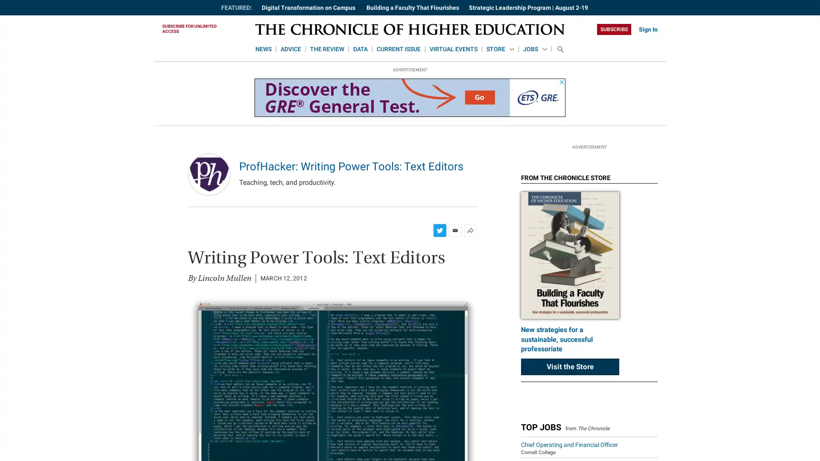  Describe the element at coordinates (544, 50) in the screenshot. I see `Open Sub Navigation` at that location.